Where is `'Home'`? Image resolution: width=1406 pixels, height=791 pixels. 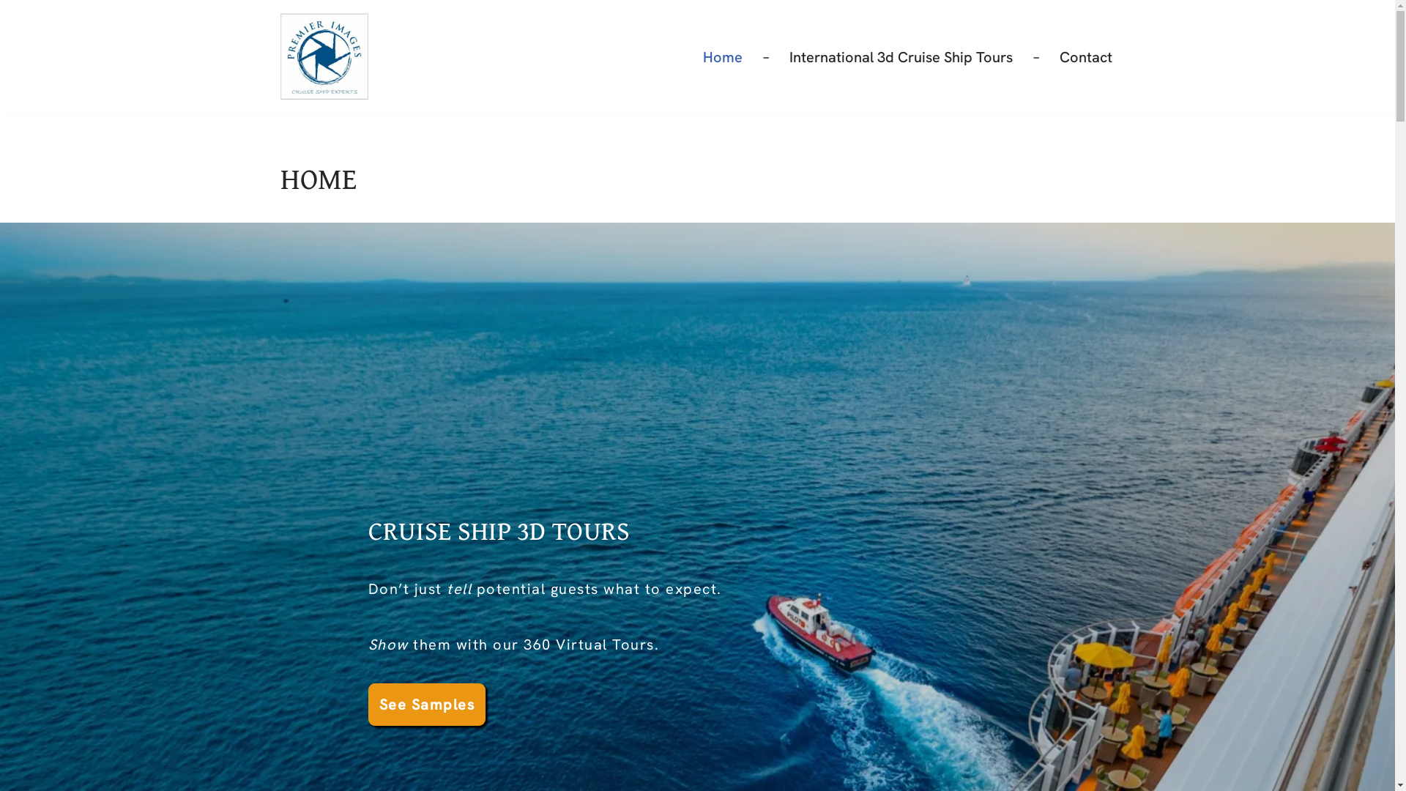
'Home' is located at coordinates (723, 56).